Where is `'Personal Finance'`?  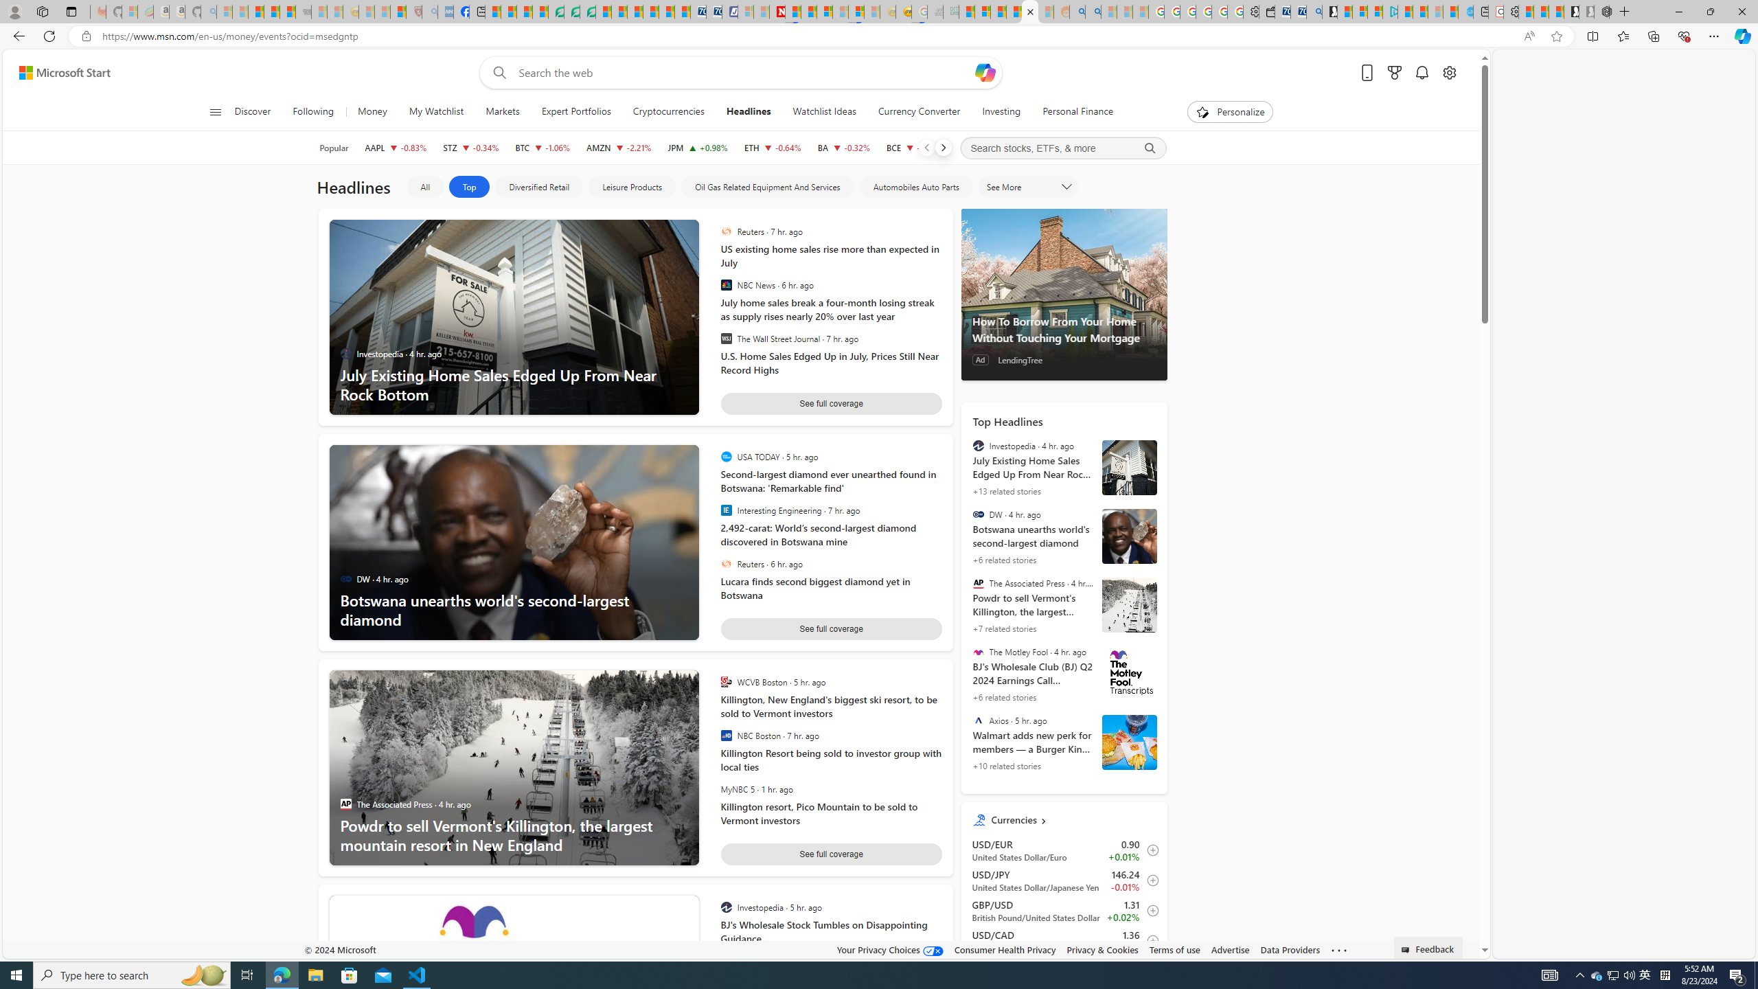
'Personal Finance' is located at coordinates (1072, 111).